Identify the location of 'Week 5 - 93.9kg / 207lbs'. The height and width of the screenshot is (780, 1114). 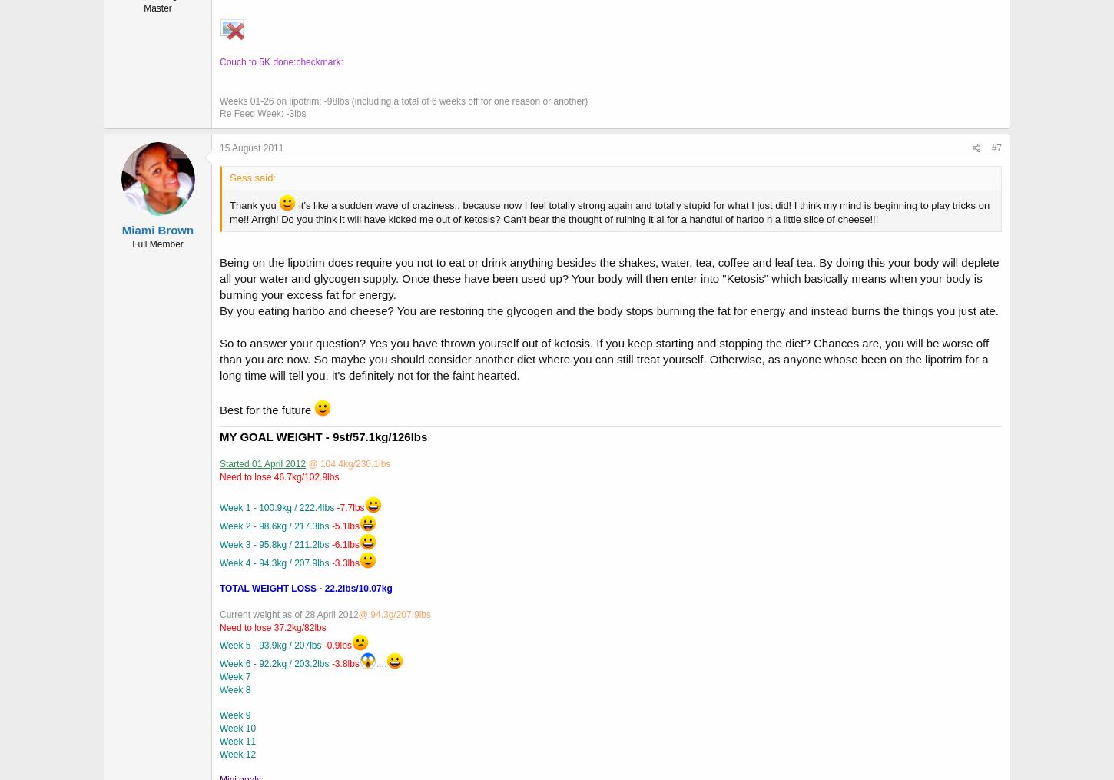
(219, 646).